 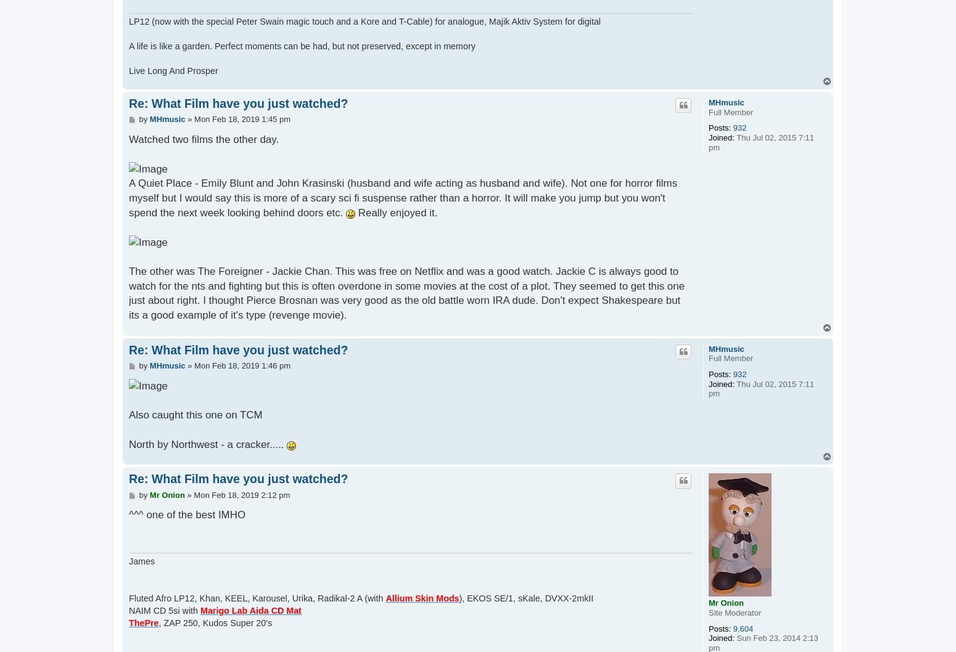 I want to click on 'Fluted Afro LP12, Khan, KEEL, Karousel, Urika, Radikal-2 A (with', so click(x=257, y=597).